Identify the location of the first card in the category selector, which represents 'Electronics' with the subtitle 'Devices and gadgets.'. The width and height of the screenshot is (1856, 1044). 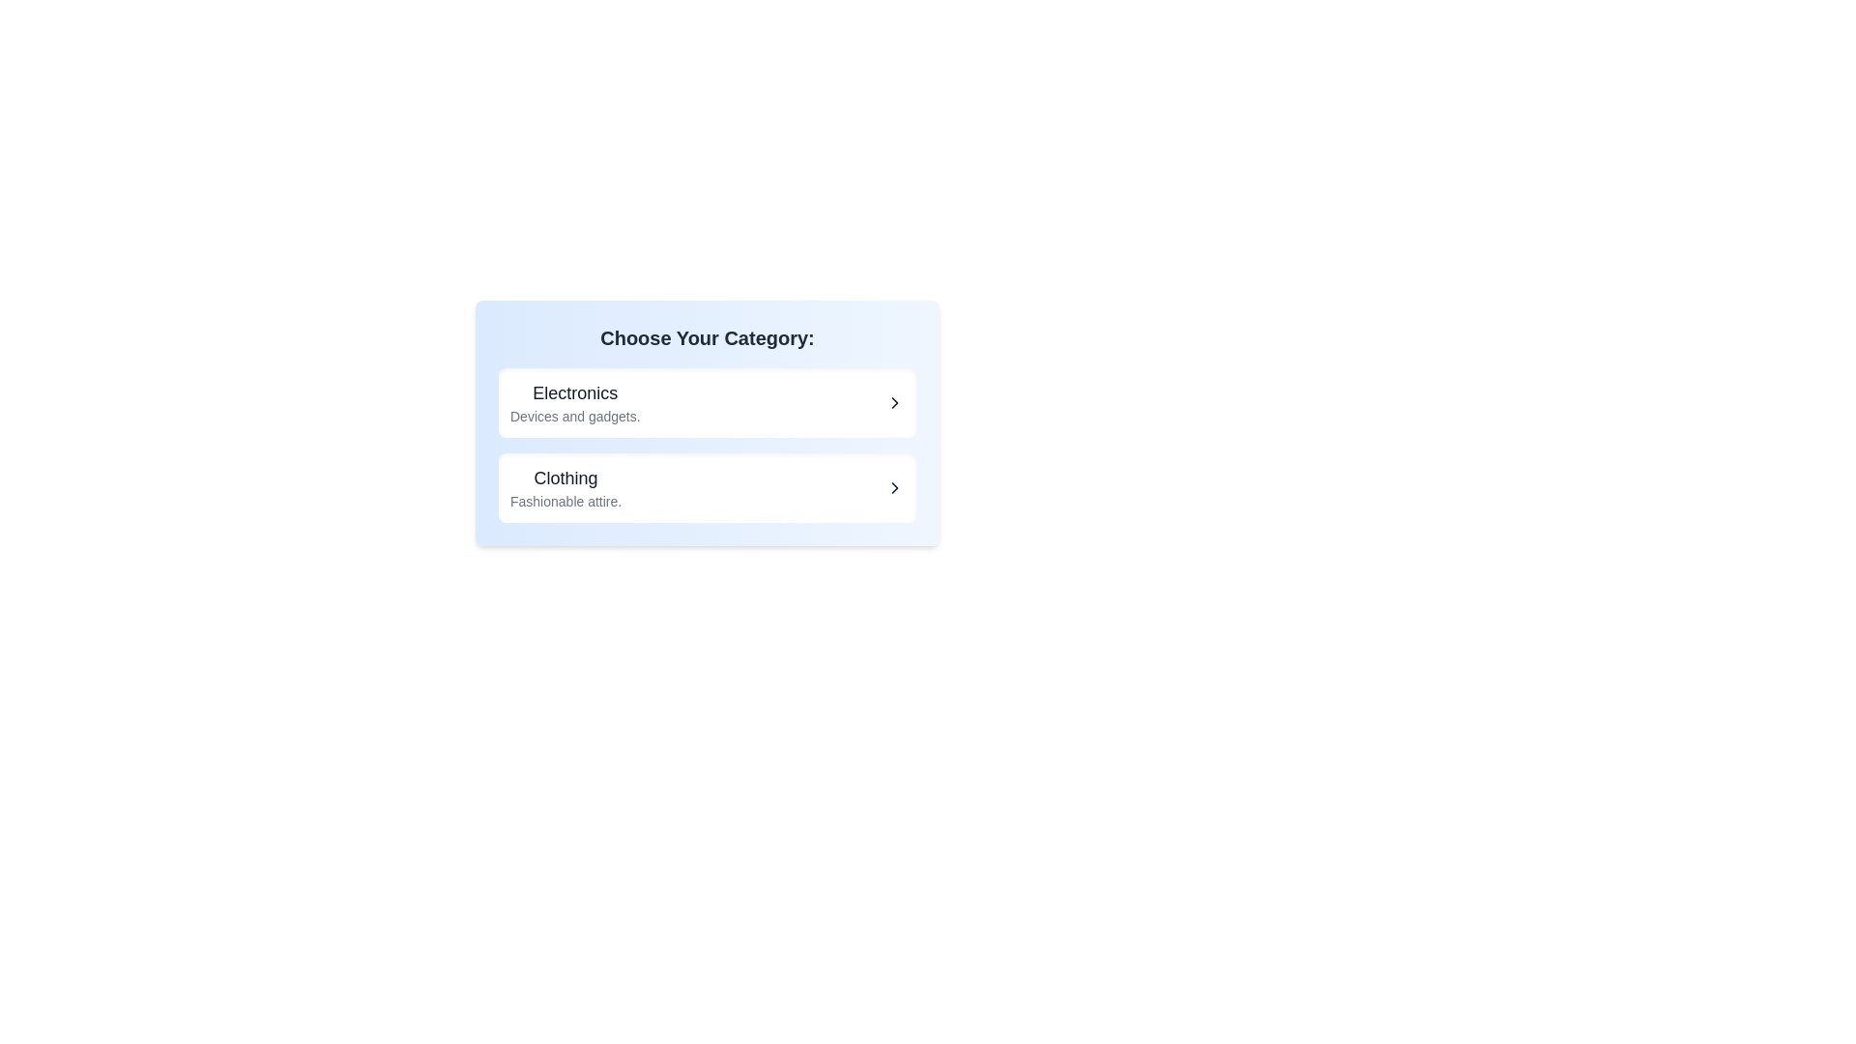
(706, 422).